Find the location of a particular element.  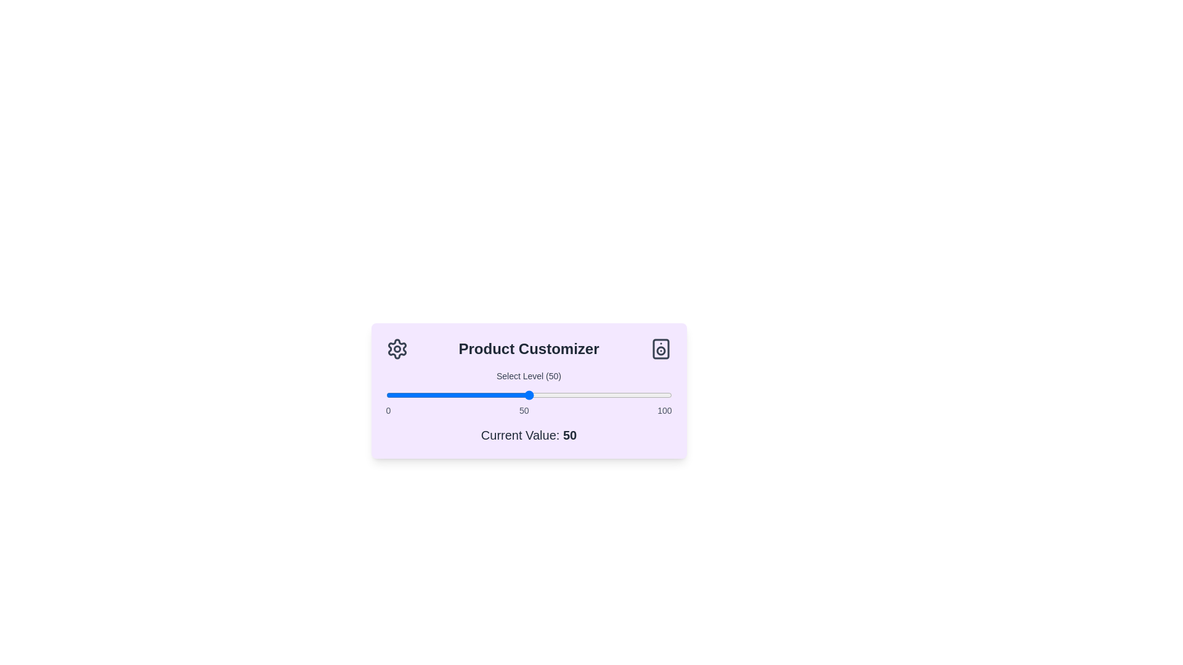

the settings icon to access its tooltip or additional functionalities is located at coordinates (397, 349).